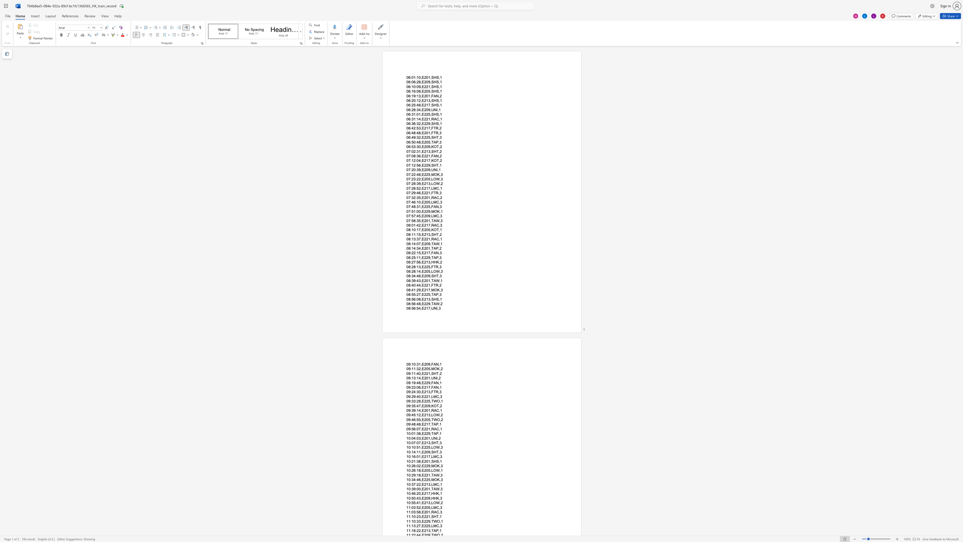 The width and height of the screenshot is (963, 542). Describe the element at coordinates (413, 160) in the screenshot. I see `the subset text "2:04,E217" within the text "07:12:04,E217,KOT,2"` at that location.